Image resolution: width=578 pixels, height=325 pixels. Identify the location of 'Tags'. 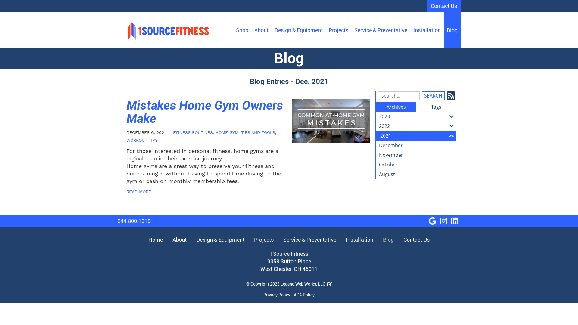
(436, 106).